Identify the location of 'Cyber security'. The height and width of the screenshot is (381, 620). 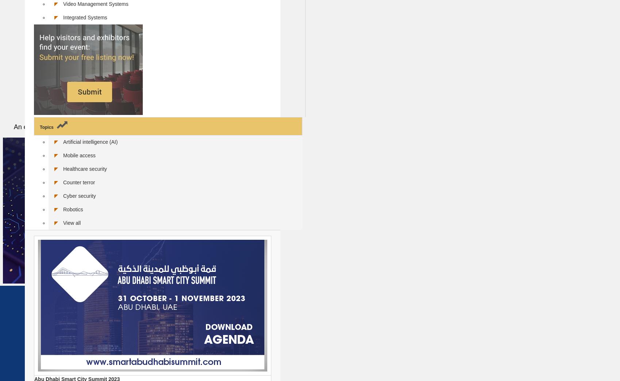
(63, 195).